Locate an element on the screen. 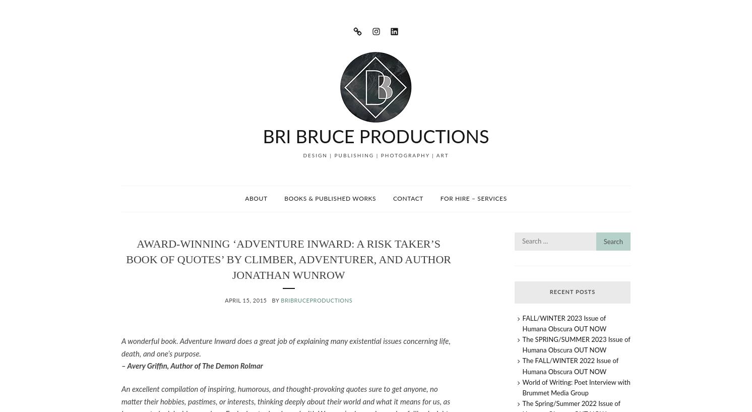 This screenshot has height=412, width=752. 'Books & Published Works' is located at coordinates (330, 197).